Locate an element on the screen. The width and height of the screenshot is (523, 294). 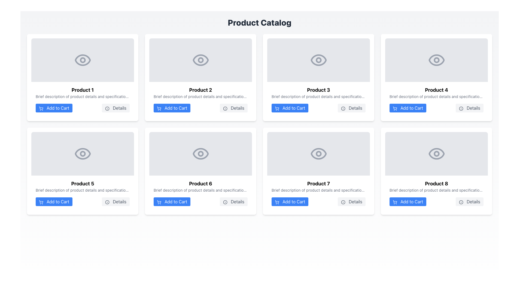
the 'Add to Cart' button associated with 'Product 1', which is visually indicated by the shopping cart icon positioned in the bottom left corner of the product's card is located at coordinates (41, 108).